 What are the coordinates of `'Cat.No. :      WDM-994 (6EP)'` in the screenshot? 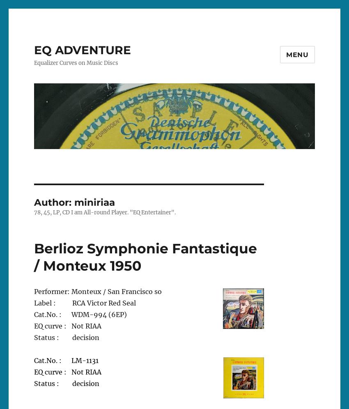 It's located at (80, 314).